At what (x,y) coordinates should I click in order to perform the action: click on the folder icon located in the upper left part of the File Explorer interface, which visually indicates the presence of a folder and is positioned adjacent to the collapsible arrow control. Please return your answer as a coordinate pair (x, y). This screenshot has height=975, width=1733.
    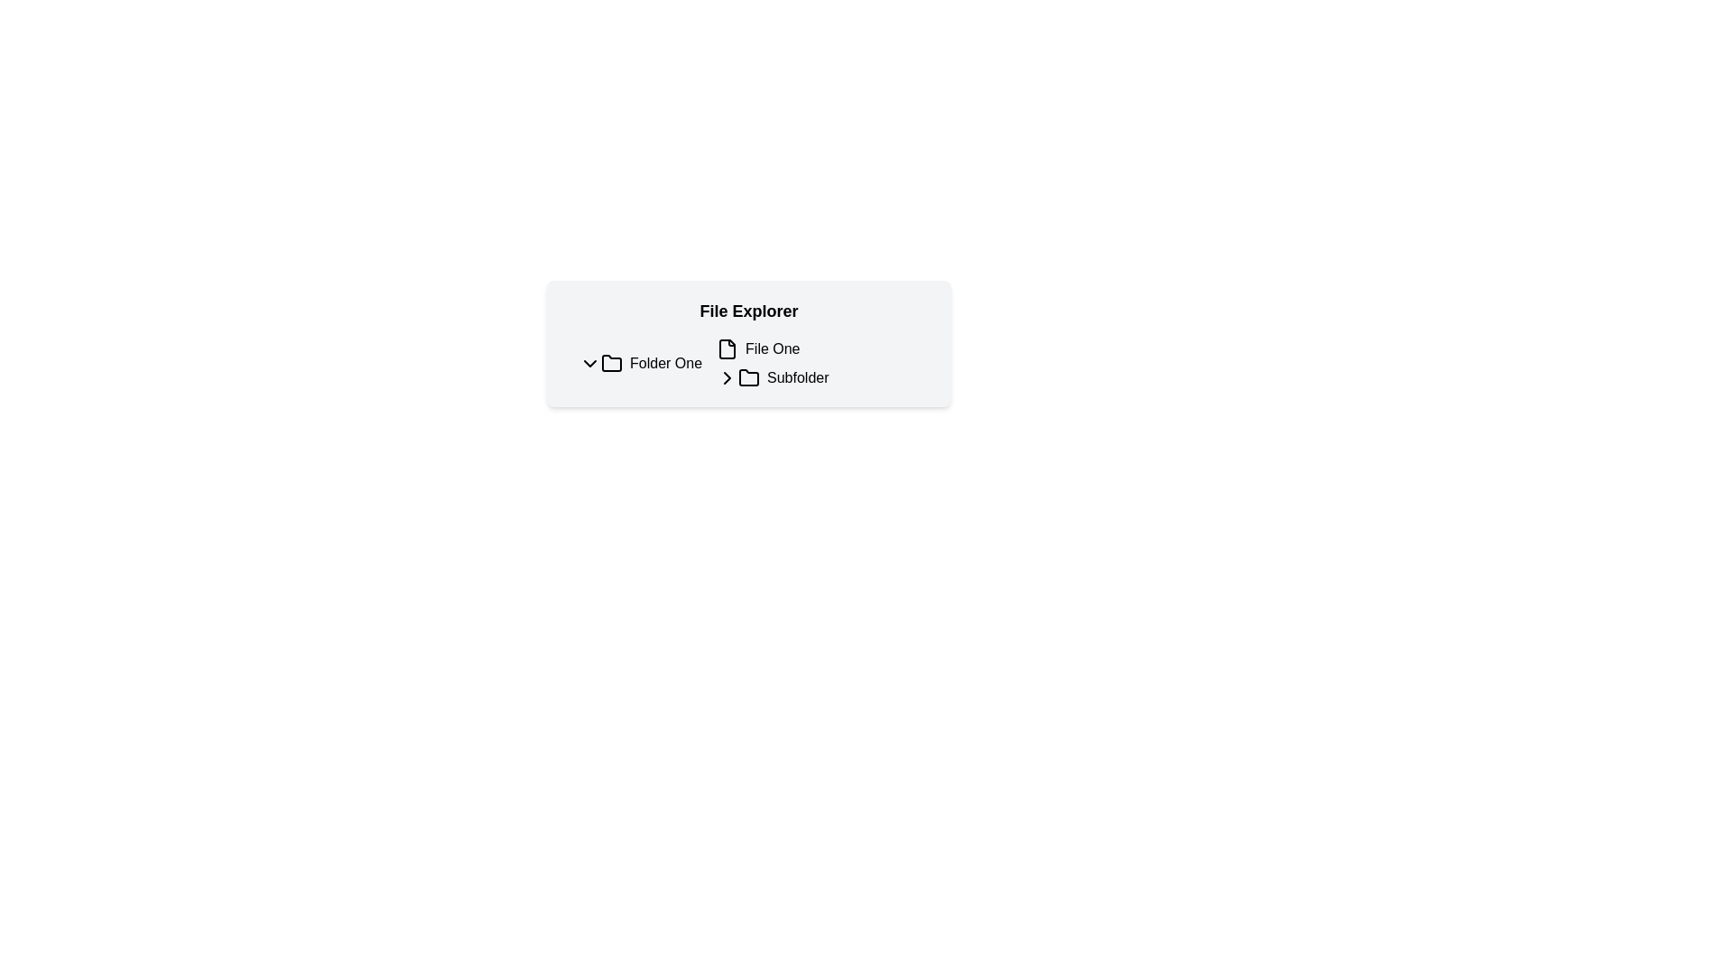
    Looking at the image, I should click on (611, 363).